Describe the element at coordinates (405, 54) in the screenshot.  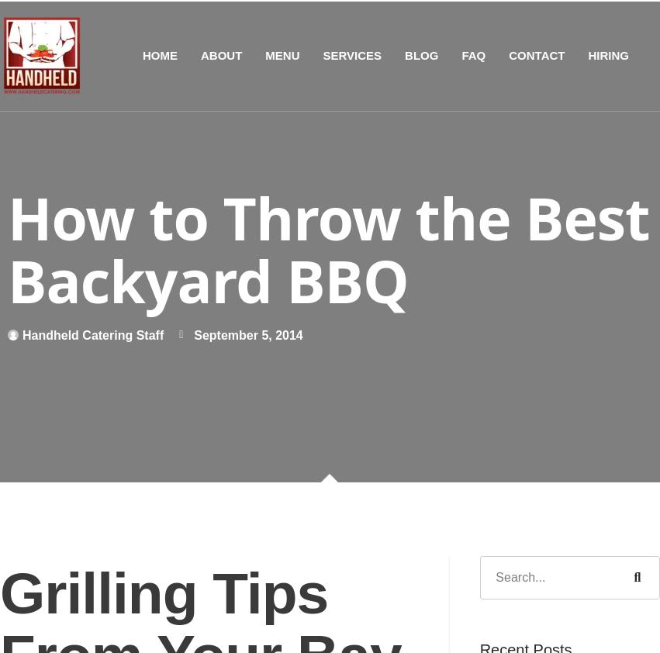
I see `'BLOG'` at that location.